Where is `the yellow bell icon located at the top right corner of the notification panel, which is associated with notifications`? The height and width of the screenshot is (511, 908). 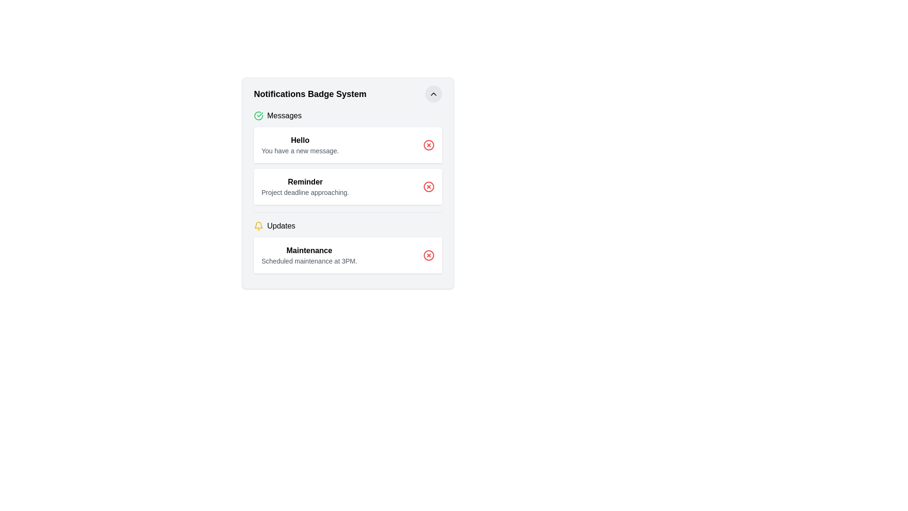
the yellow bell icon located at the top right corner of the notification panel, which is associated with notifications is located at coordinates (259, 225).